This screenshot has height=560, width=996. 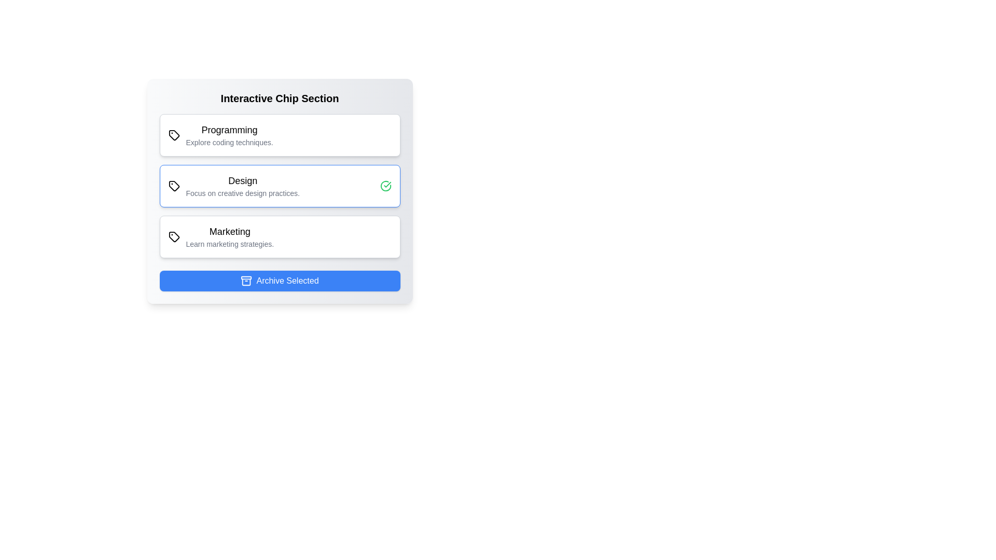 I want to click on the chip labeled Programming to toggle its selection state, so click(x=280, y=135).